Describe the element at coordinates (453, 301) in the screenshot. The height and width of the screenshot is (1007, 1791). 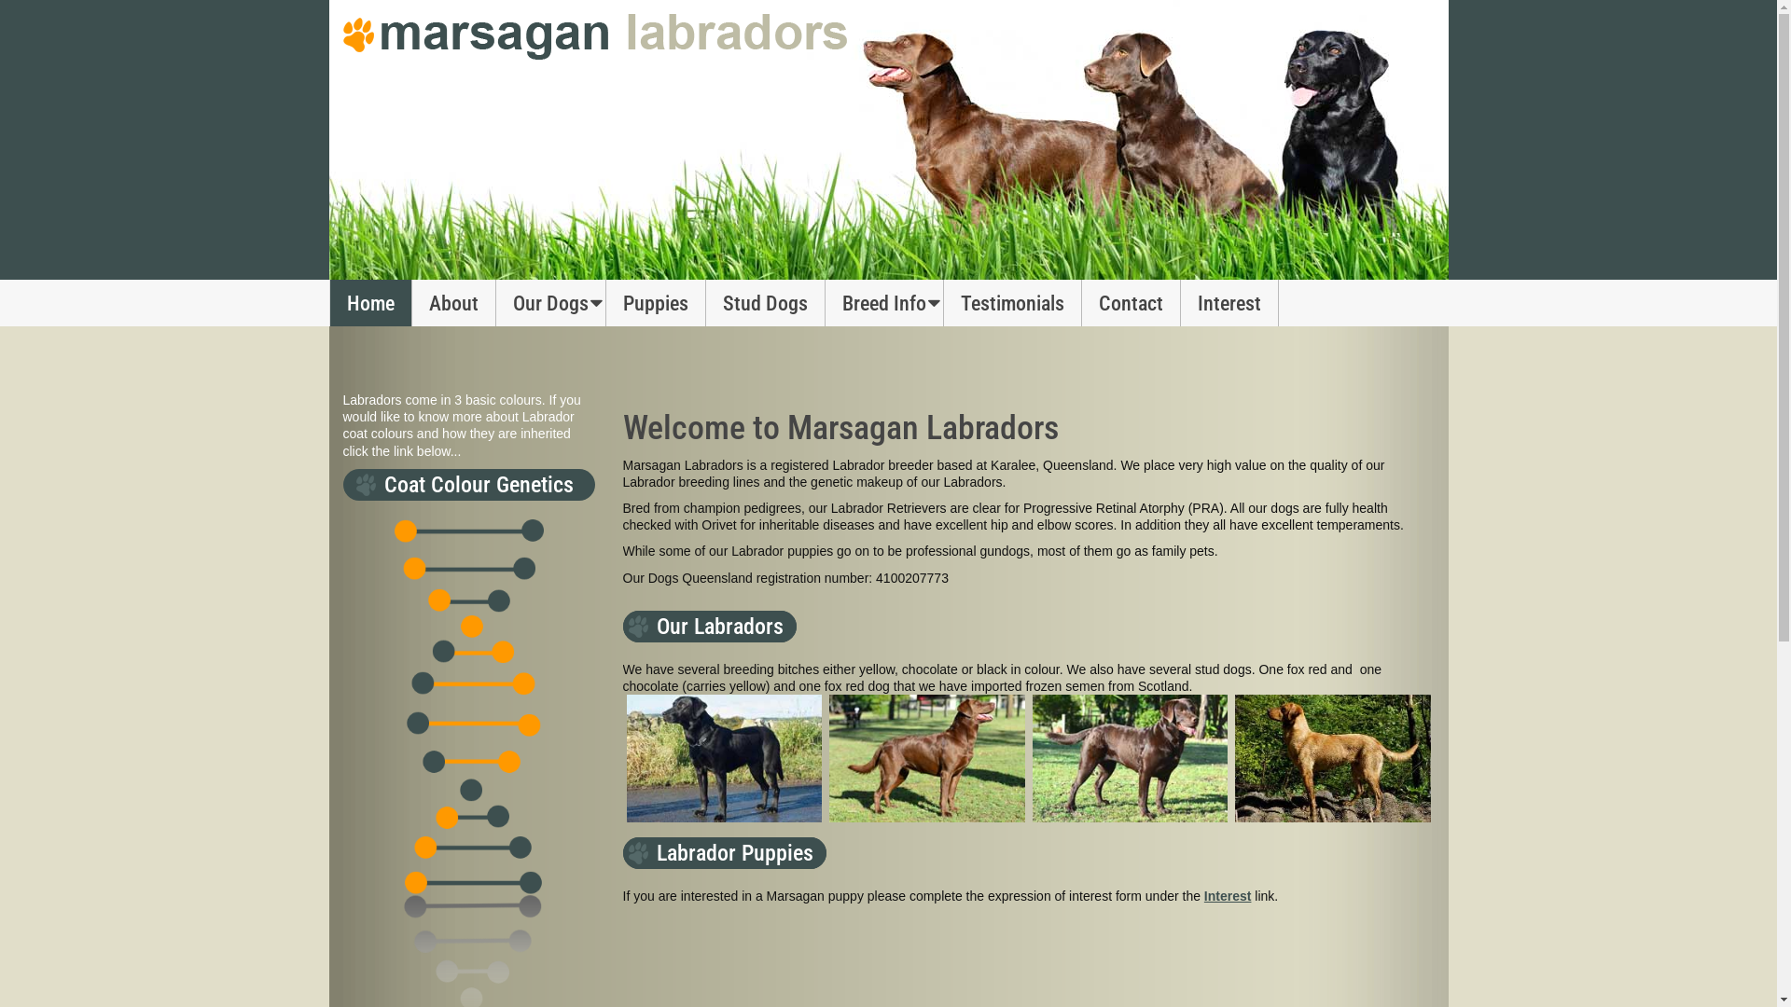
I see `'About'` at that location.